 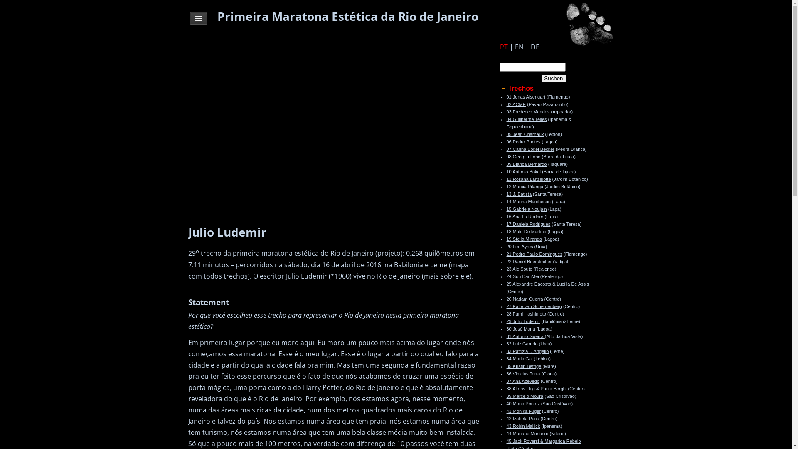 I want to click on '34 Maria Gal', so click(x=519, y=358).